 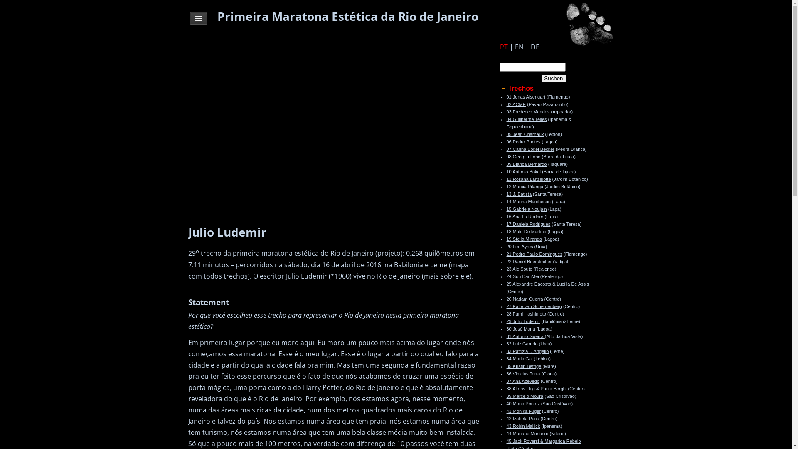 I want to click on '34 Maria Gal', so click(x=519, y=358).